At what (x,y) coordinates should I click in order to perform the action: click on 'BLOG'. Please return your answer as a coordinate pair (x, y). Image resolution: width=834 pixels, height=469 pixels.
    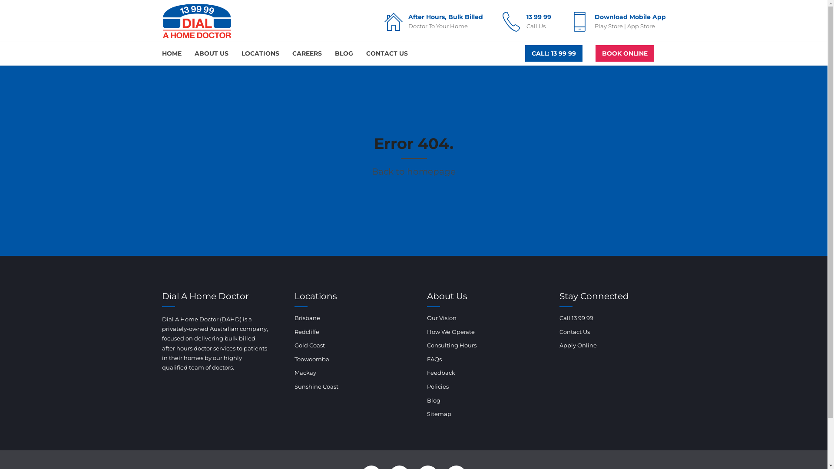
    Looking at the image, I should click on (334, 53).